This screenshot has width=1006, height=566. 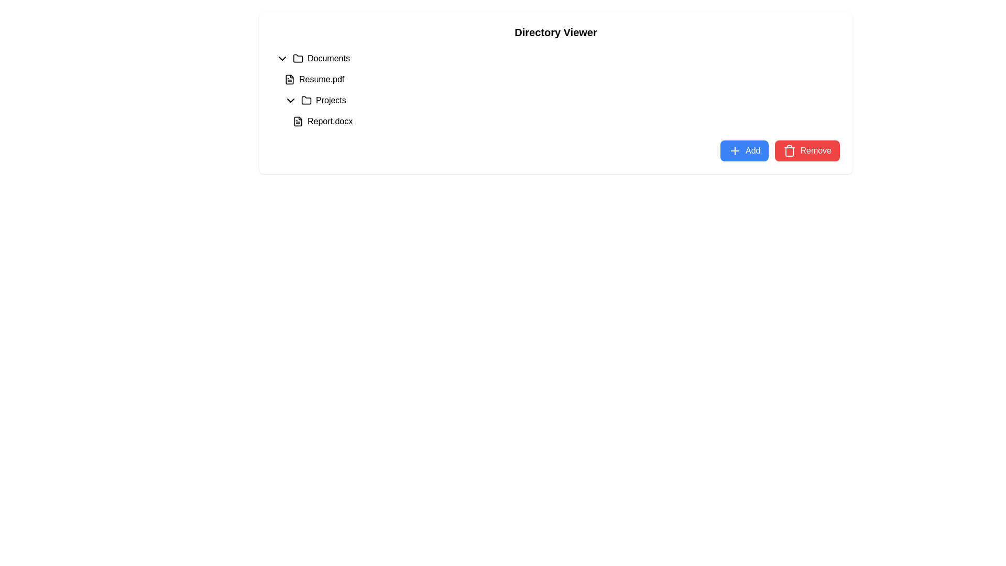 I want to click on the icon located within the red 'Remove' button at the bottom right corner of the interface, which serves to reinforce the button's purpose of deleting or removing an item, so click(x=790, y=151).